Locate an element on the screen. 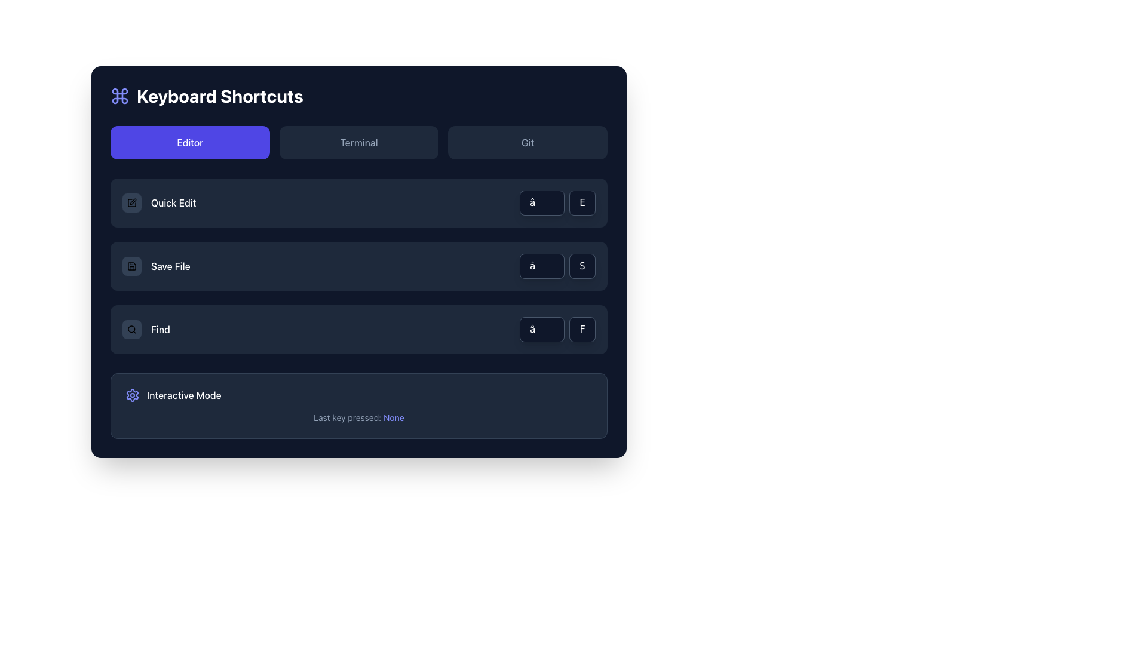 Image resolution: width=1147 pixels, height=645 pixels. the circular magnifying glass icon representing the search function, located in the 'Find' section of shortcuts, positioned to the left of the text 'Find' is located at coordinates (131, 329).